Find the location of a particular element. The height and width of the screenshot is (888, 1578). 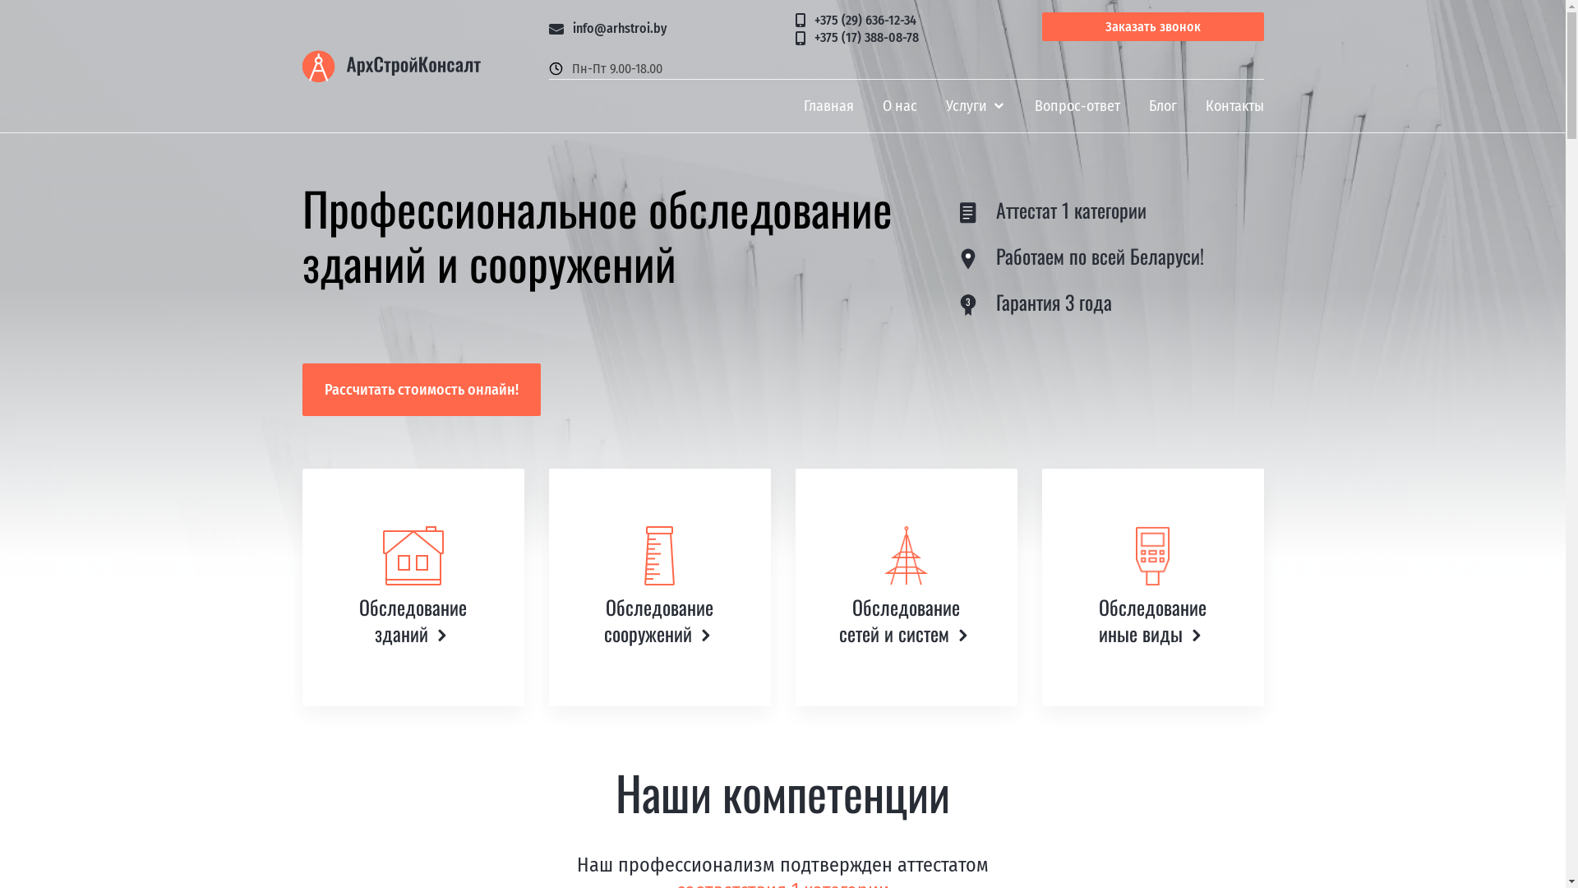

'info@arhstroi.by' is located at coordinates (659, 29).